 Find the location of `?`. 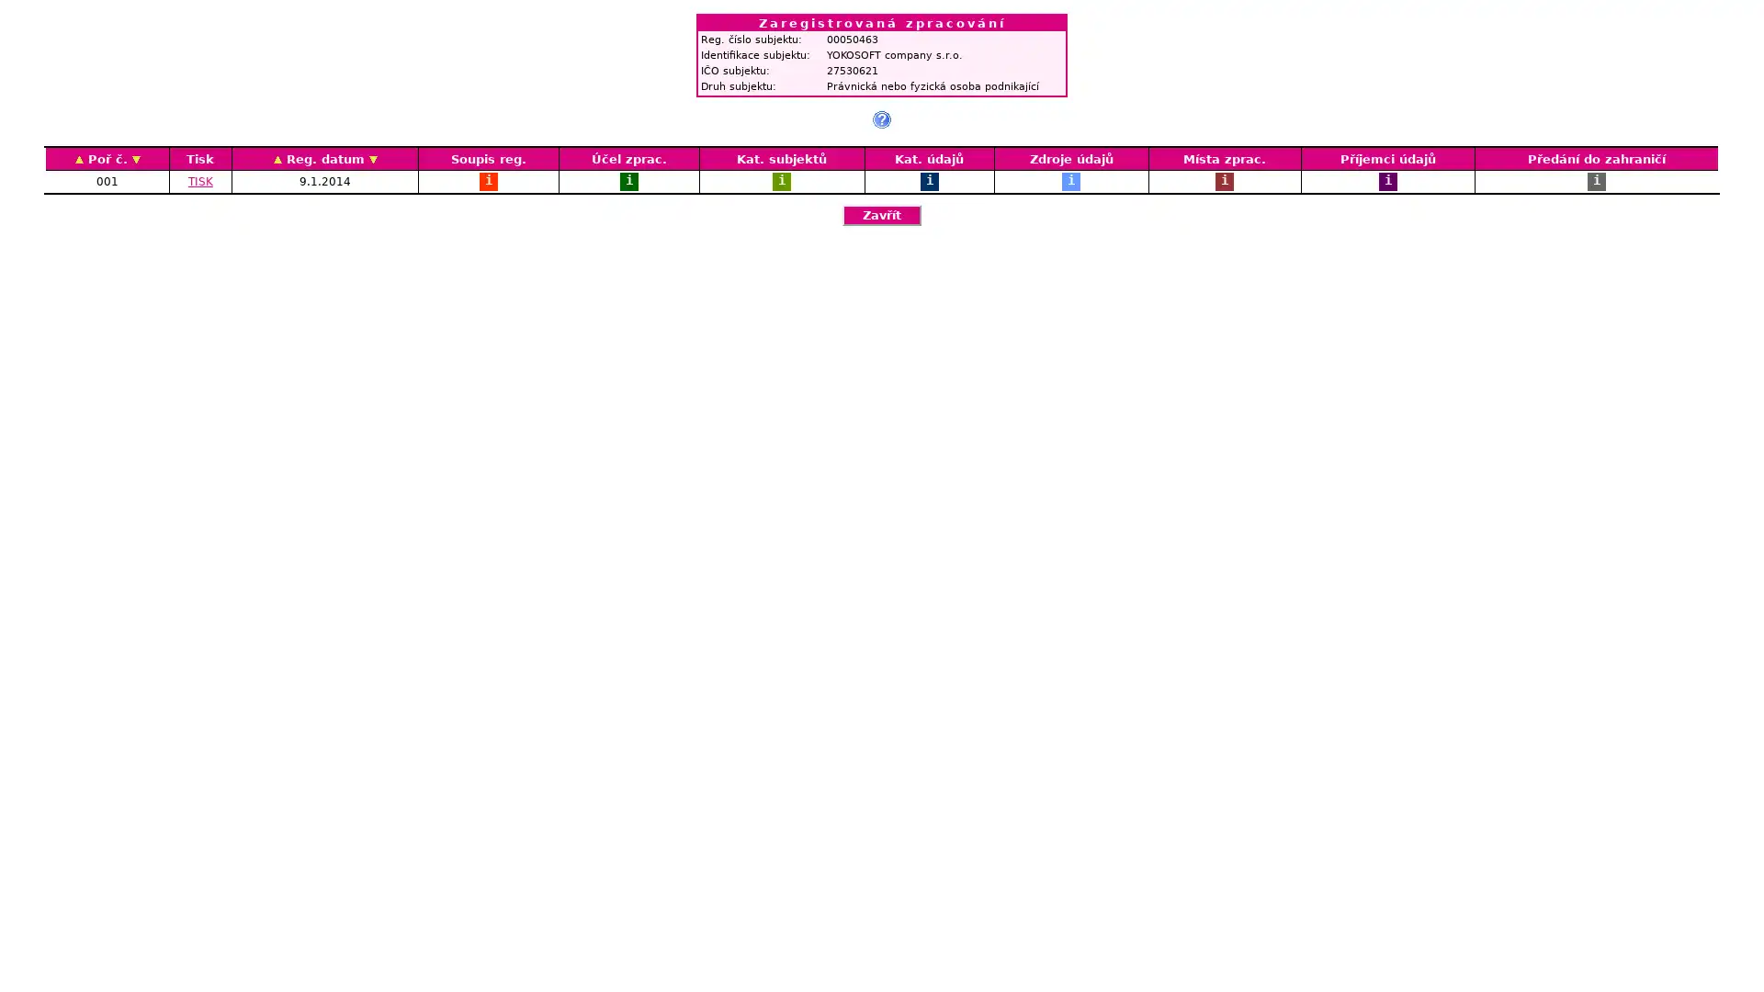

? is located at coordinates (882, 120).